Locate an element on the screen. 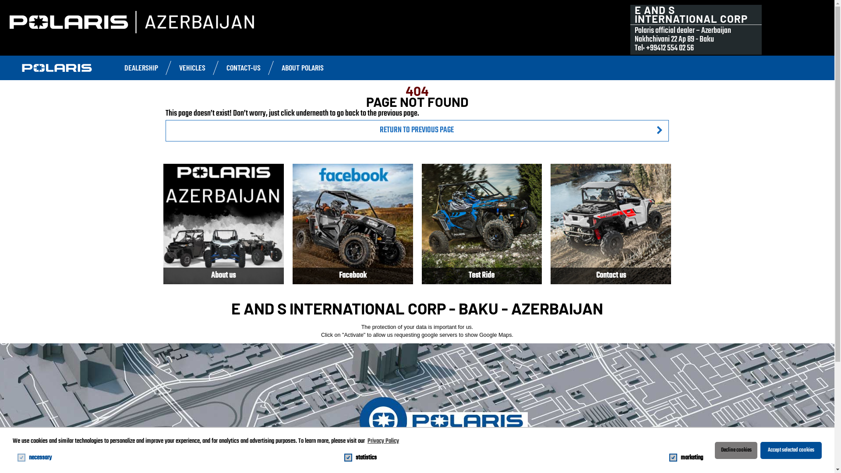 The image size is (841, 473). 'About us' is located at coordinates (223, 223).